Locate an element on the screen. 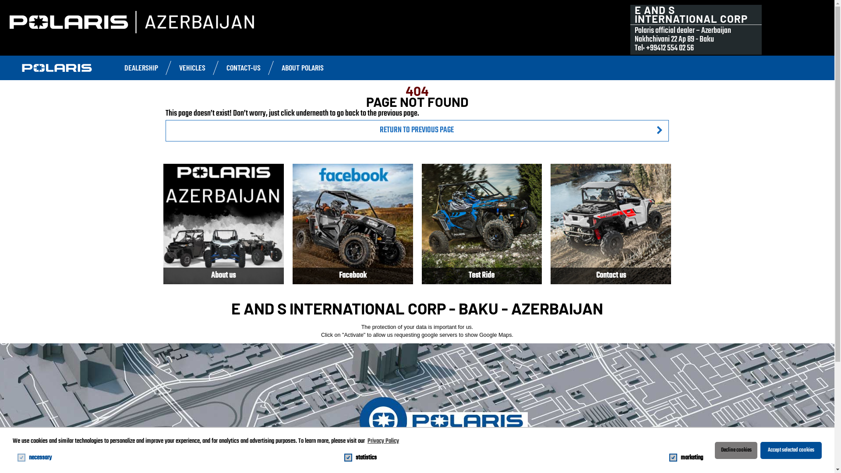 The image size is (841, 473). 'About us' is located at coordinates (223, 223).